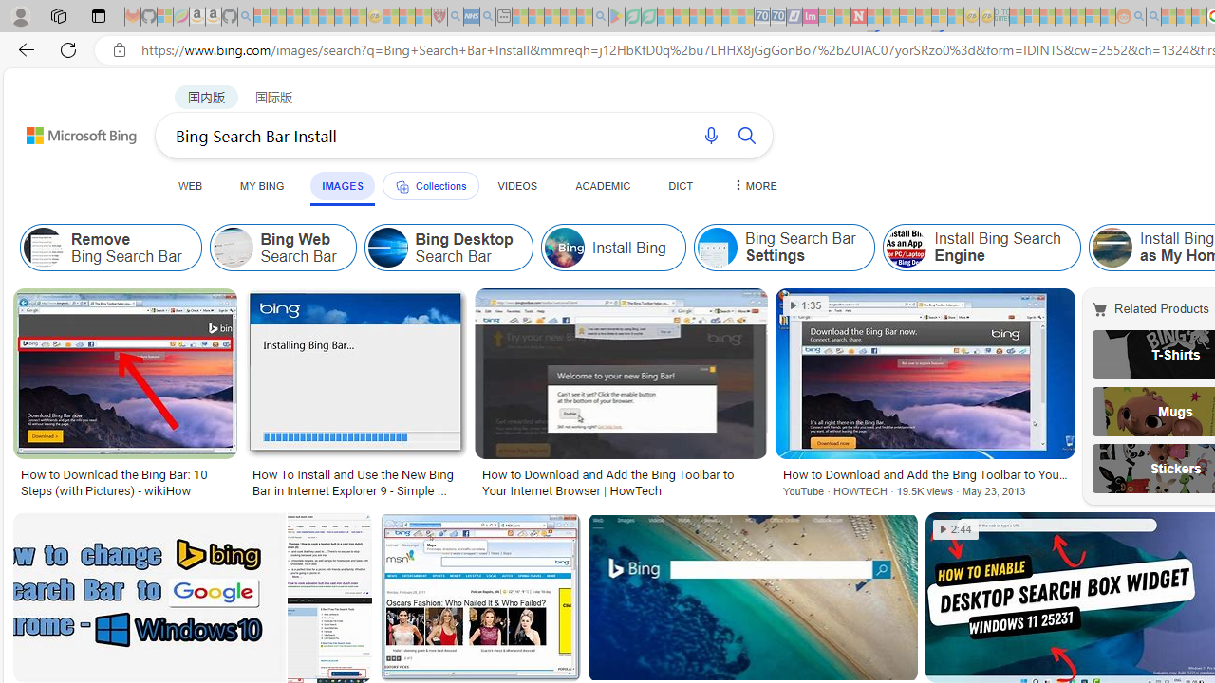 This screenshot has height=683, width=1215. What do you see at coordinates (956, 529) in the screenshot?
I see `'2:44'` at bounding box center [956, 529].